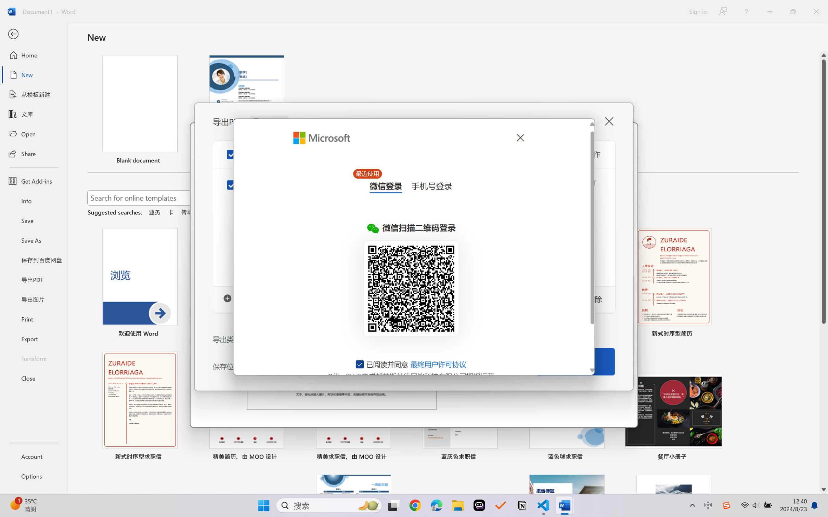 This screenshot has height=517, width=828. I want to click on 'Transform', so click(33, 358).